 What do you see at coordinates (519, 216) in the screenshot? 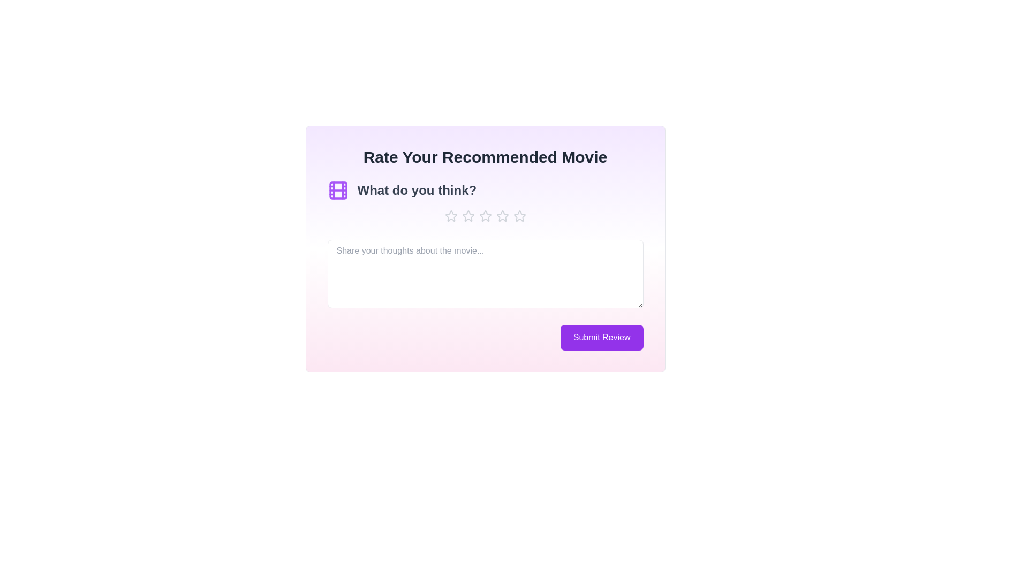
I see `the star icon to set the rating to 5` at bounding box center [519, 216].